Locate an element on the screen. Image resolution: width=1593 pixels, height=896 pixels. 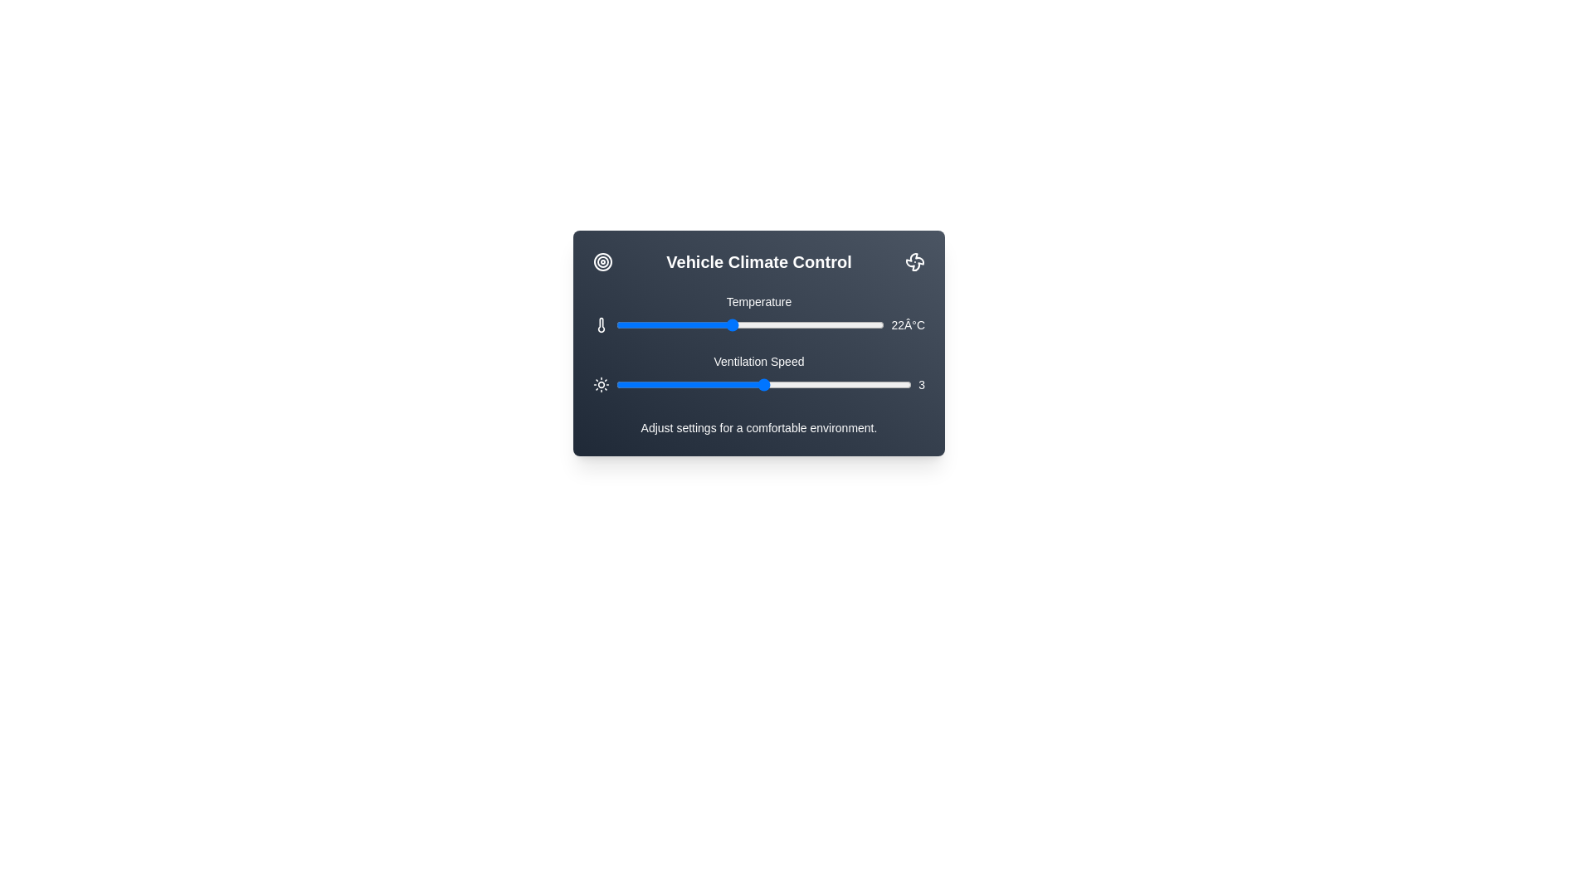
the temperature slider to set the temperature to 24 degrees Celsius is located at coordinates (768, 325).